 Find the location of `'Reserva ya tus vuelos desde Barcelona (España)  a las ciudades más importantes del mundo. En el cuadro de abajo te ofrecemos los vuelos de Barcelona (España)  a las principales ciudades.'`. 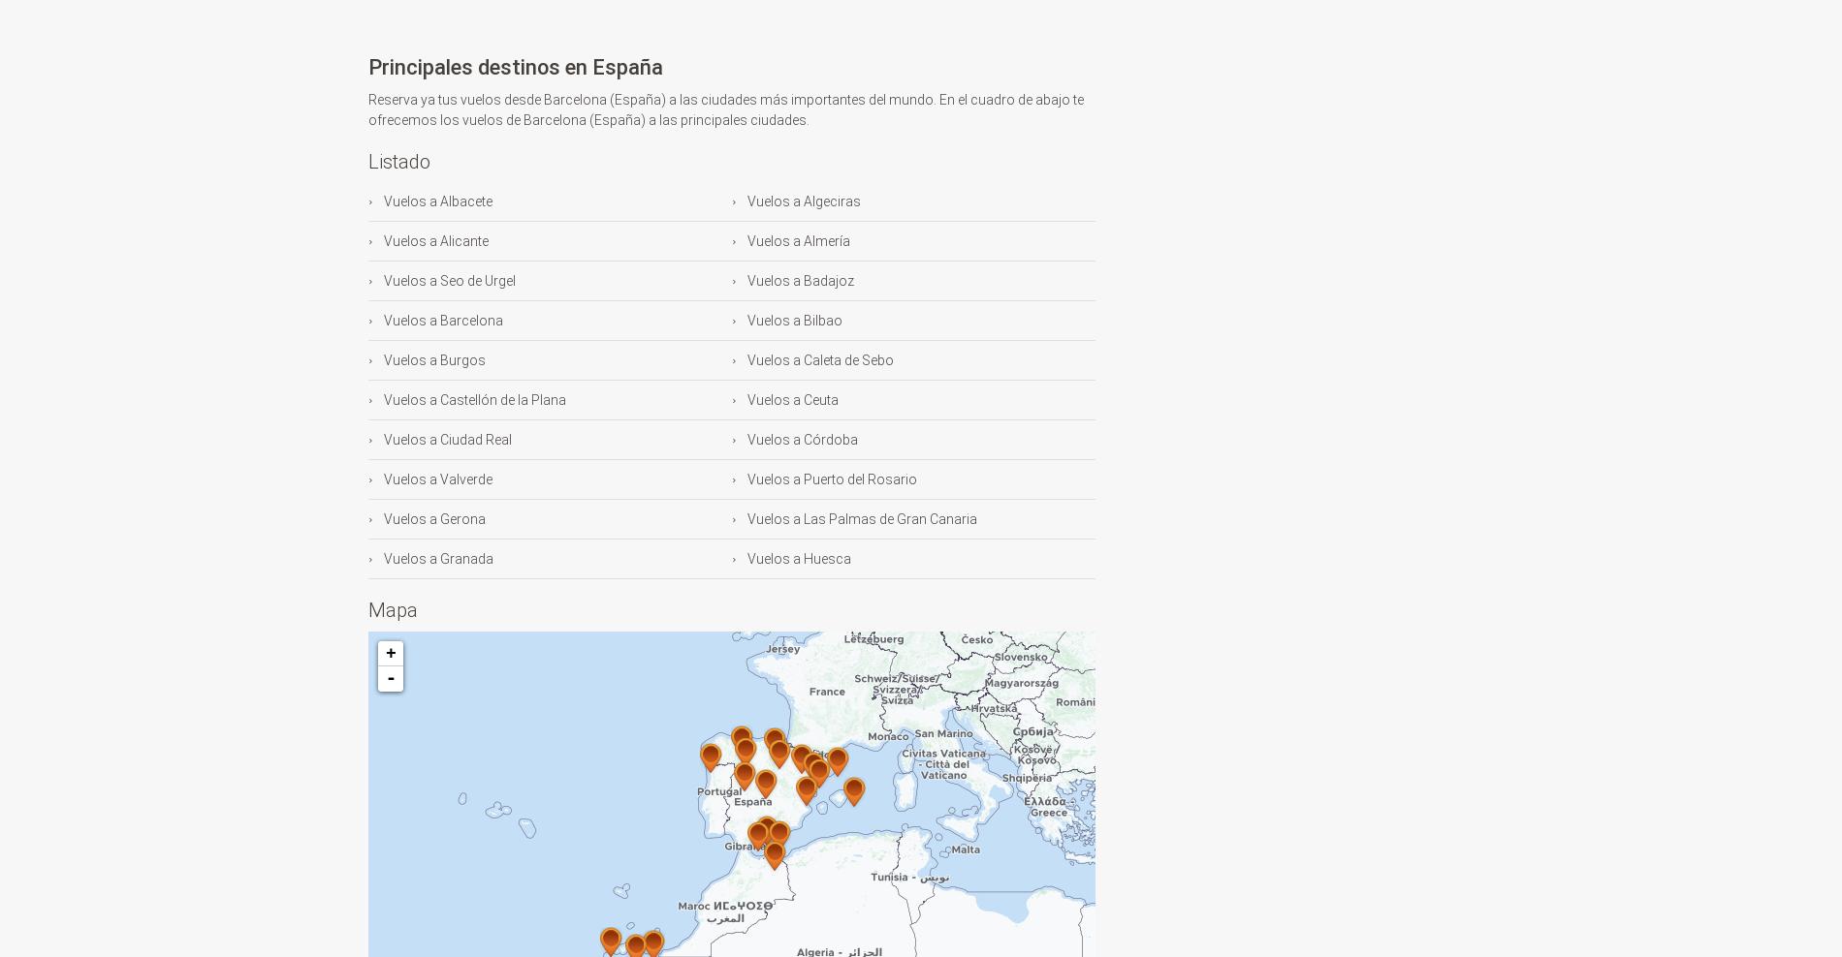

'Reserva ya tus vuelos desde Barcelona (España)  a las ciudades más importantes del mundo. En el cuadro de abajo te ofrecemos los vuelos de Barcelona (España)  a las principales ciudades.' is located at coordinates (724, 108).